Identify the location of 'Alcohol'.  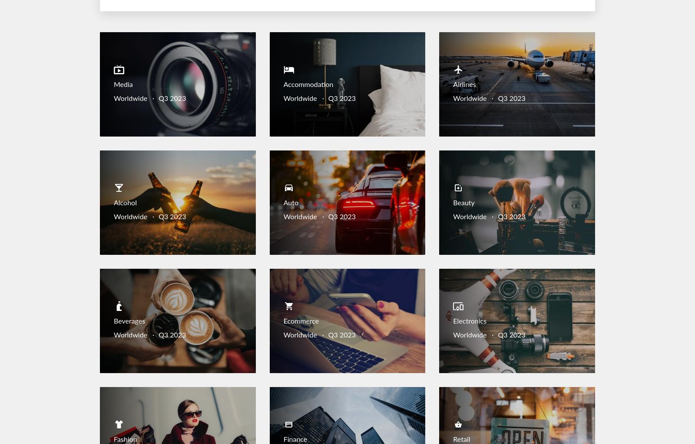
(114, 203).